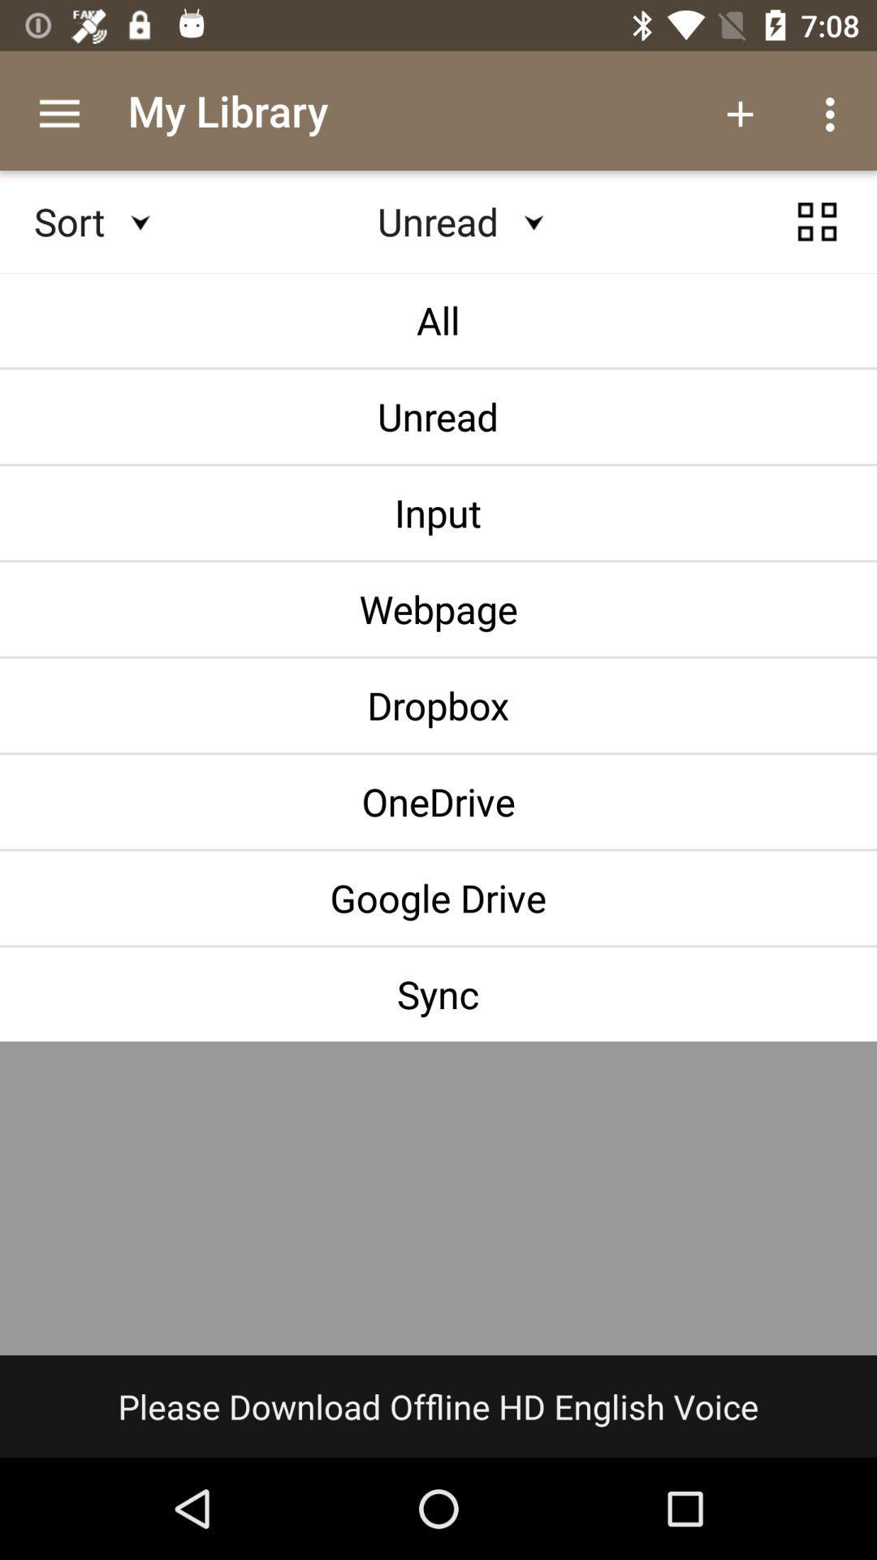 This screenshot has height=1560, width=877. What do you see at coordinates (817, 236) in the screenshot?
I see `the dashboard icon` at bounding box center [817, 236].